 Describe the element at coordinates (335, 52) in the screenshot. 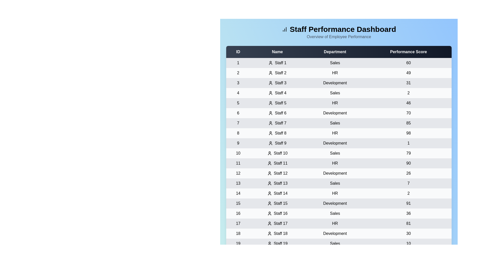

I see `the column header labeled 'Department' to sort the table by that column` at that location.